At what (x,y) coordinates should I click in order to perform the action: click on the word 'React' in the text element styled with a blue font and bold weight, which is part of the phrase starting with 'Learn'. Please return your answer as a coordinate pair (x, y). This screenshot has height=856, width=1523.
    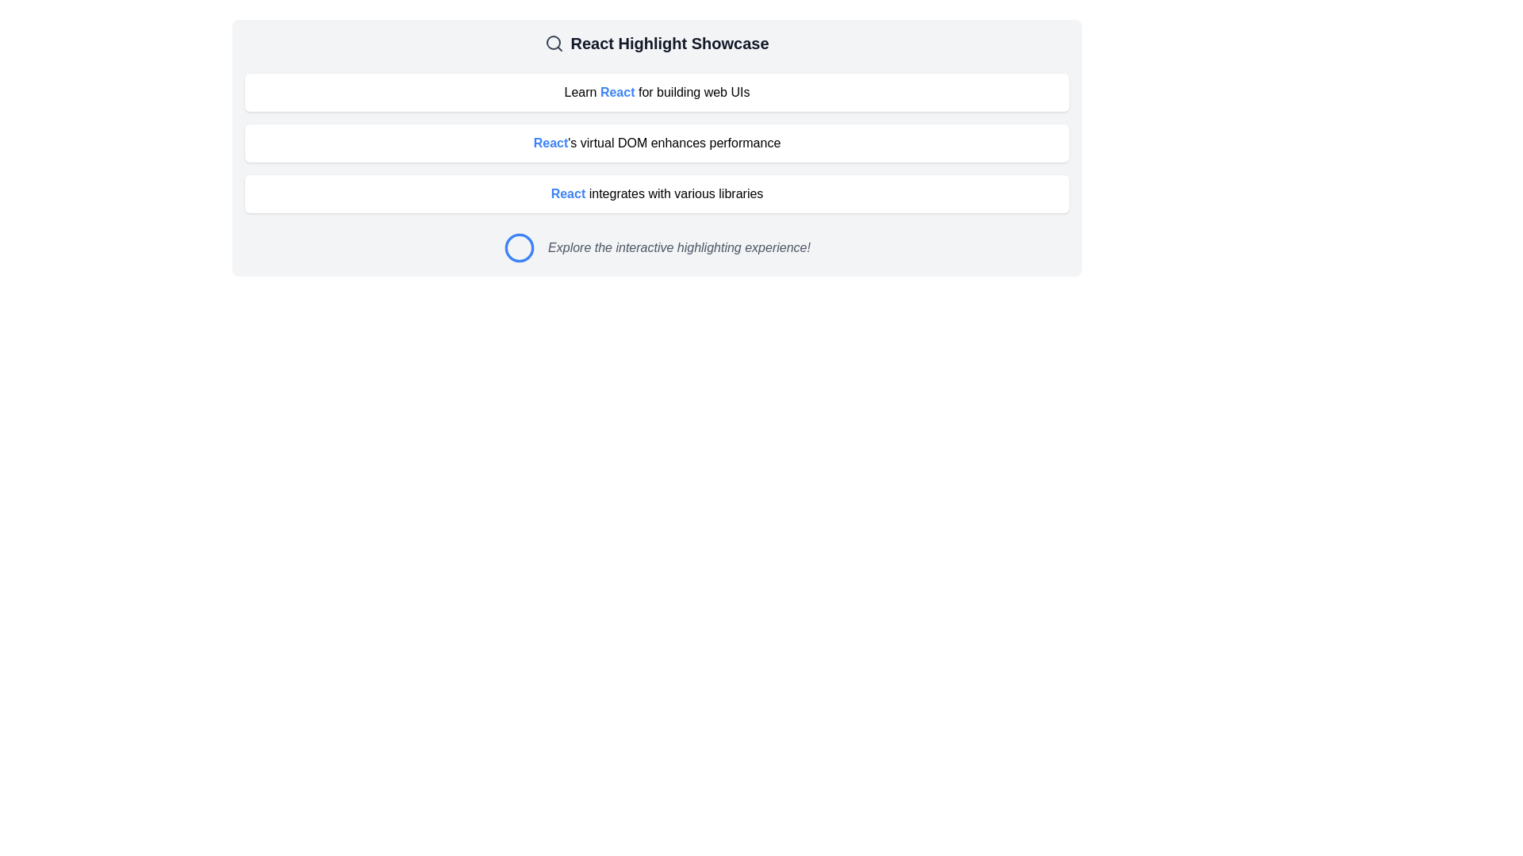
    Looking at the image, I should click on (675, 92).